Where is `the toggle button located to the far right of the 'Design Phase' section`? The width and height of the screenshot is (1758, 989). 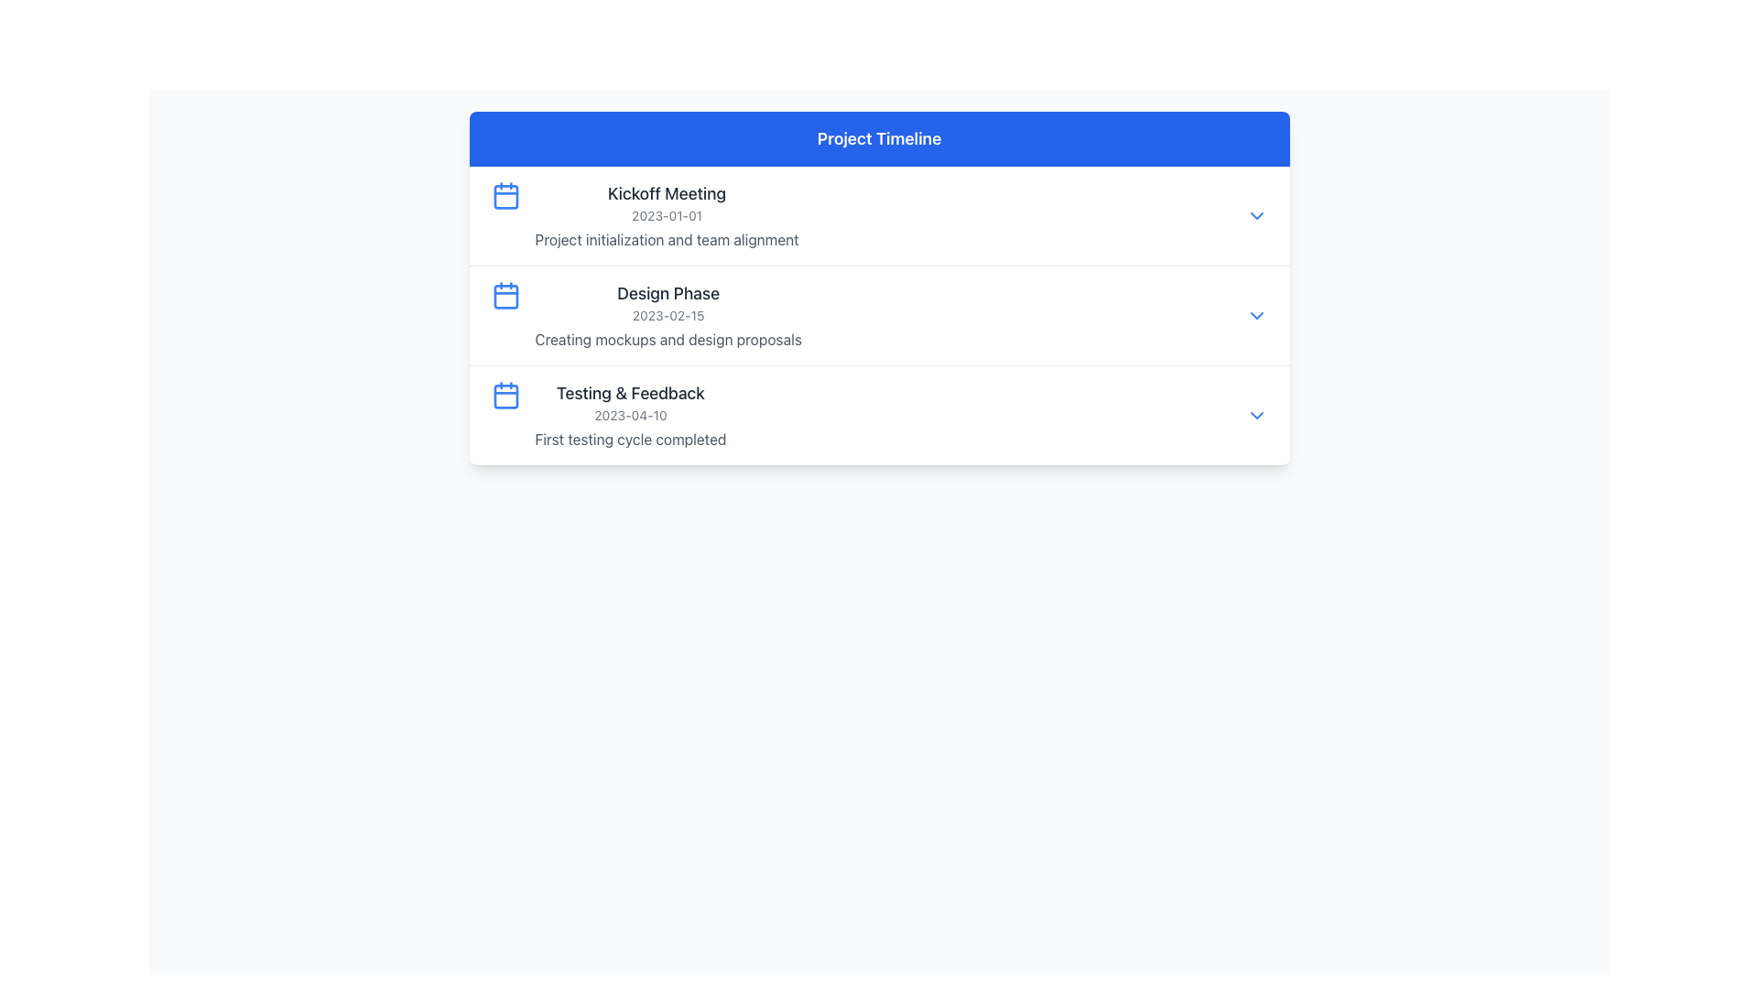
the toggle button located to the far right of the 'Design Phase' section is located at coordinates (1255, 314).